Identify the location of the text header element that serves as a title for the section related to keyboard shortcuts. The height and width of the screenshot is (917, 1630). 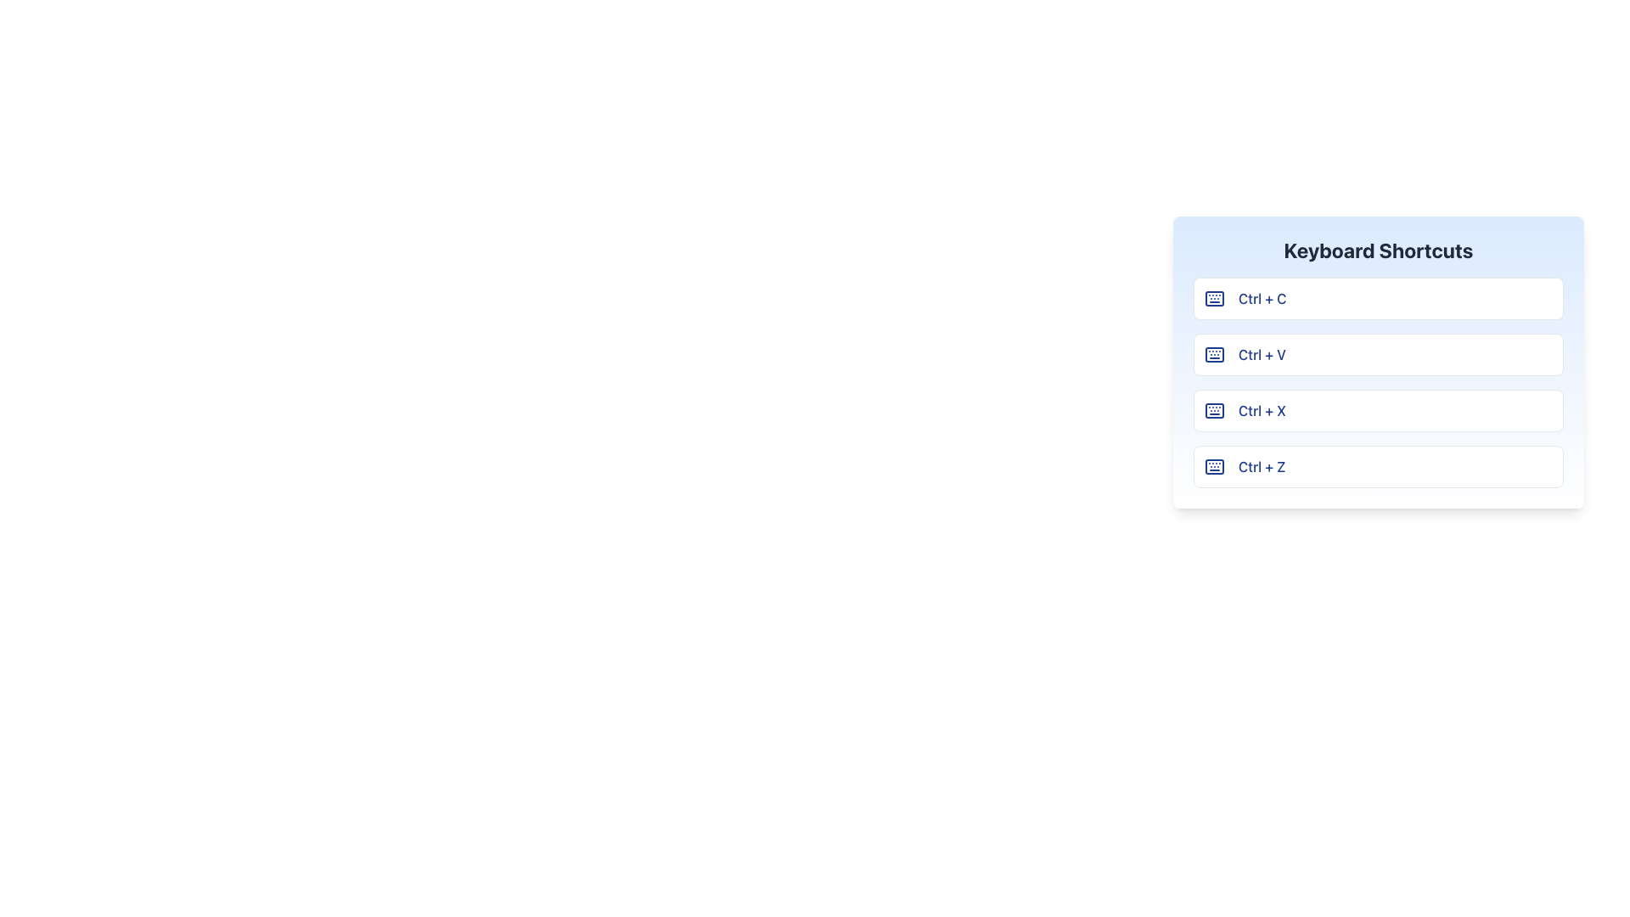
(1378, 250).